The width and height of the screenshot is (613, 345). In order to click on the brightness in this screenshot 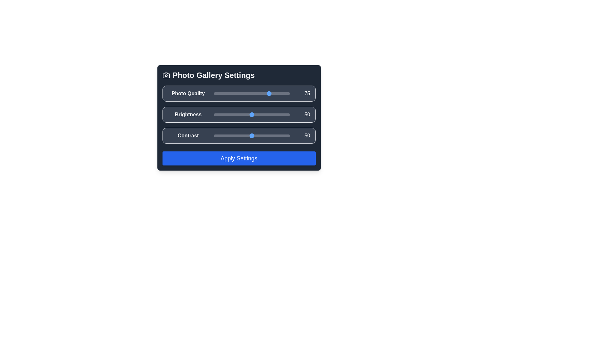, I will do `click(247, 114)`.